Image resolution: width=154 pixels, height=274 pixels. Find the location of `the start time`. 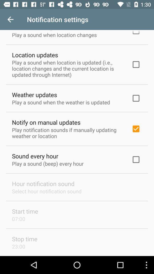

the start time is located at coordinates (25, 211).